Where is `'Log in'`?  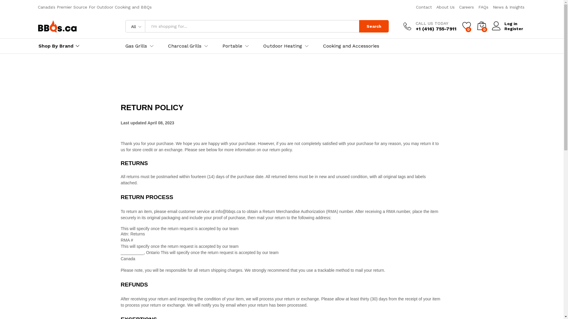
'Log in' is located at coordinates (507, 23).